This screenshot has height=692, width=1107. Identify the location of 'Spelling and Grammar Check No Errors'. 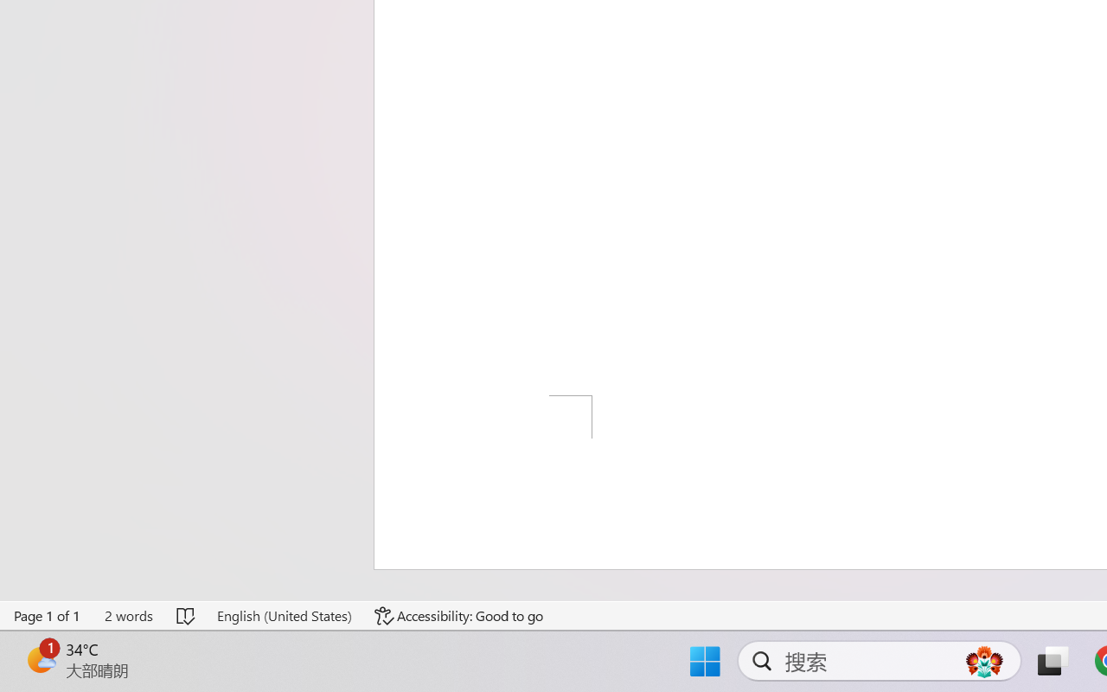
(187, 615).